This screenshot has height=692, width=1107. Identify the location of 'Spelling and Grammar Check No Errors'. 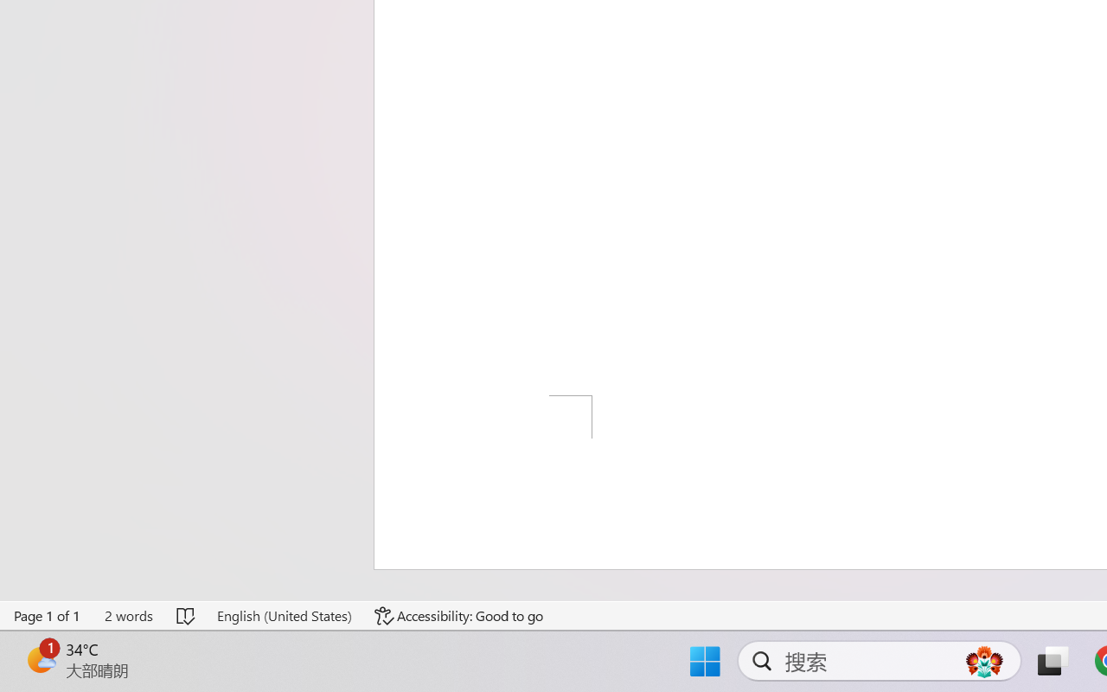
(187, 615).